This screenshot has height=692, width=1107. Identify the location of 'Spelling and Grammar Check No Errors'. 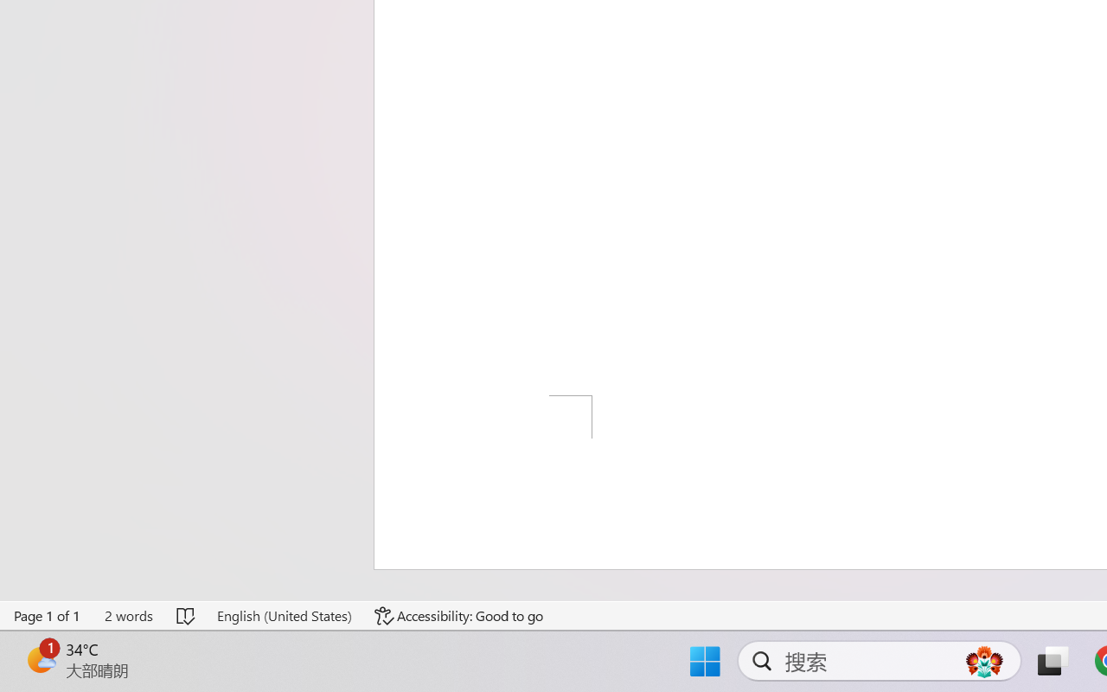
(187, 615).